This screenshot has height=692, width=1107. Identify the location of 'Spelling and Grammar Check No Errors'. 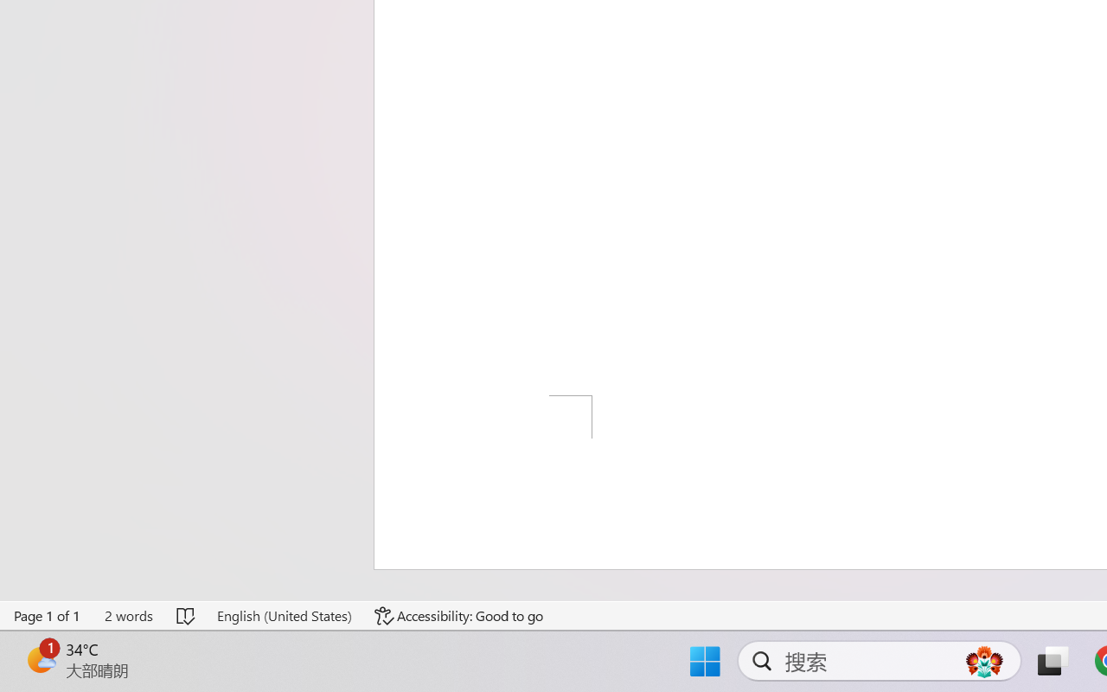
(187, 615).